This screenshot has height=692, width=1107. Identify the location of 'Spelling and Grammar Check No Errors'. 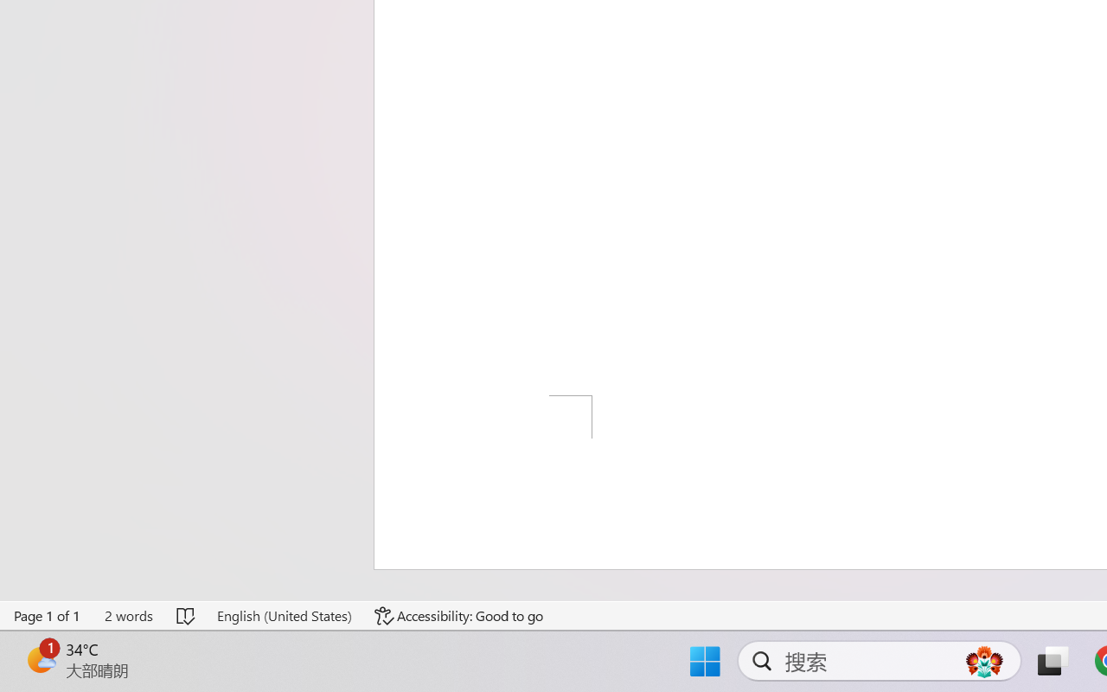
(187, 615).